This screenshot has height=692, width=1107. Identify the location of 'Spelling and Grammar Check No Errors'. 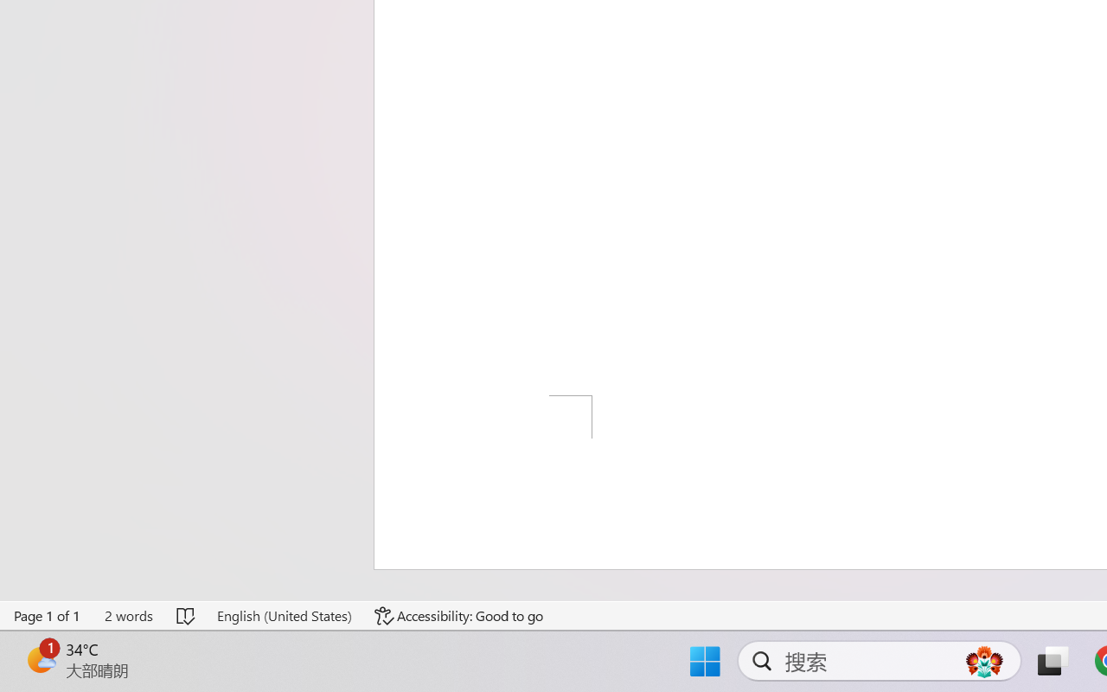
(187, 615).